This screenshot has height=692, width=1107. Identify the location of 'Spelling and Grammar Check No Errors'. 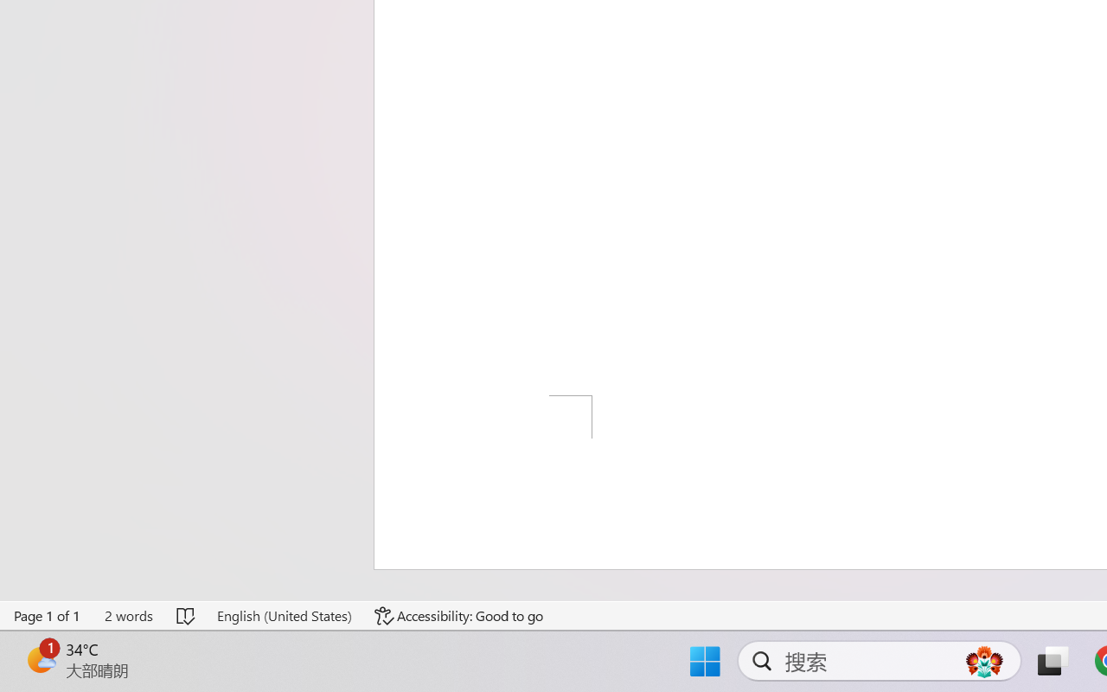
(187, 615).